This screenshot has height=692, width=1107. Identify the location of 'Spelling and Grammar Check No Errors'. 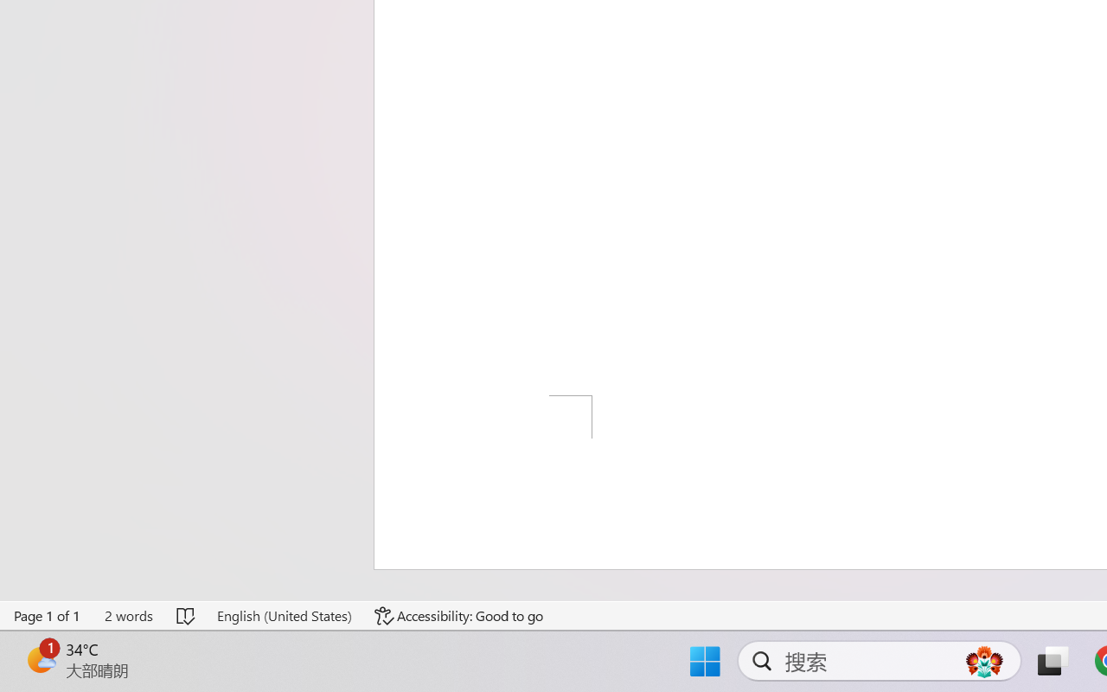
(187, 615).